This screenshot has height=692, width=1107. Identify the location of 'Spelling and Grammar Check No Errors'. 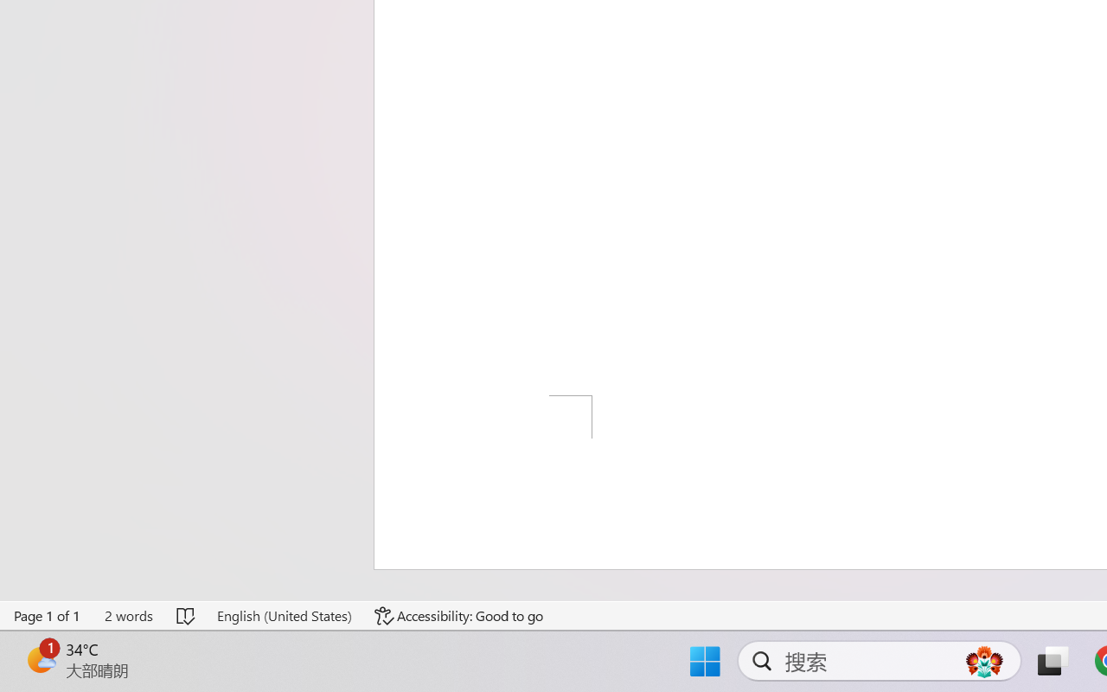
(187, 615).